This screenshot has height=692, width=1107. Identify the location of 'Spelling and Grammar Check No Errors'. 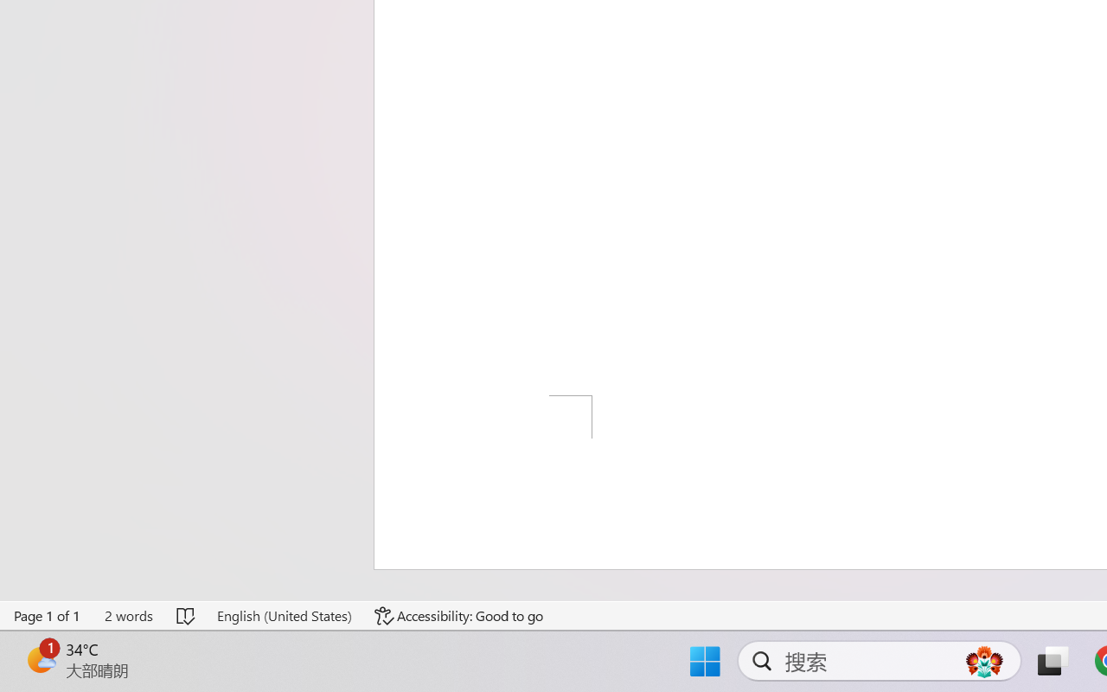
(187, 615).